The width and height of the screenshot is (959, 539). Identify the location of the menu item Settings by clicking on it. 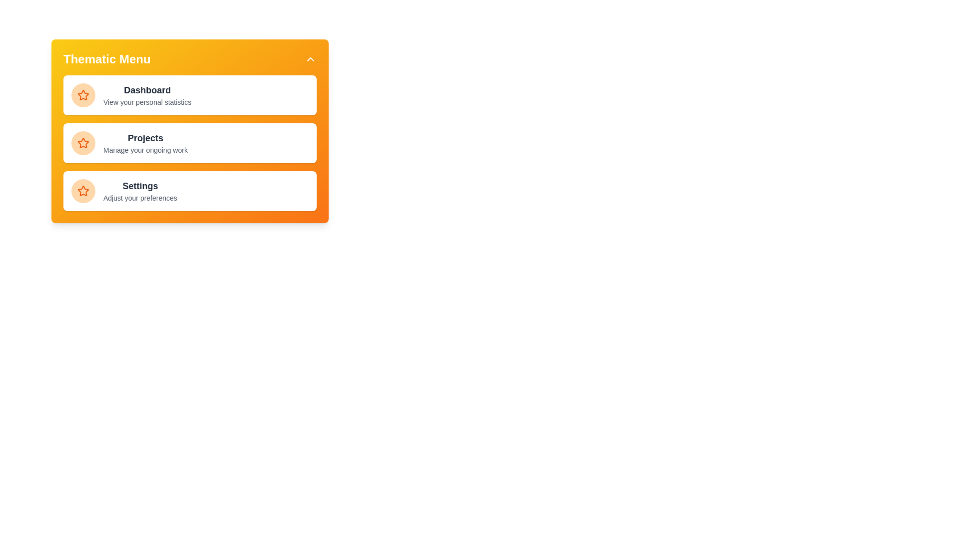
(190, 191).